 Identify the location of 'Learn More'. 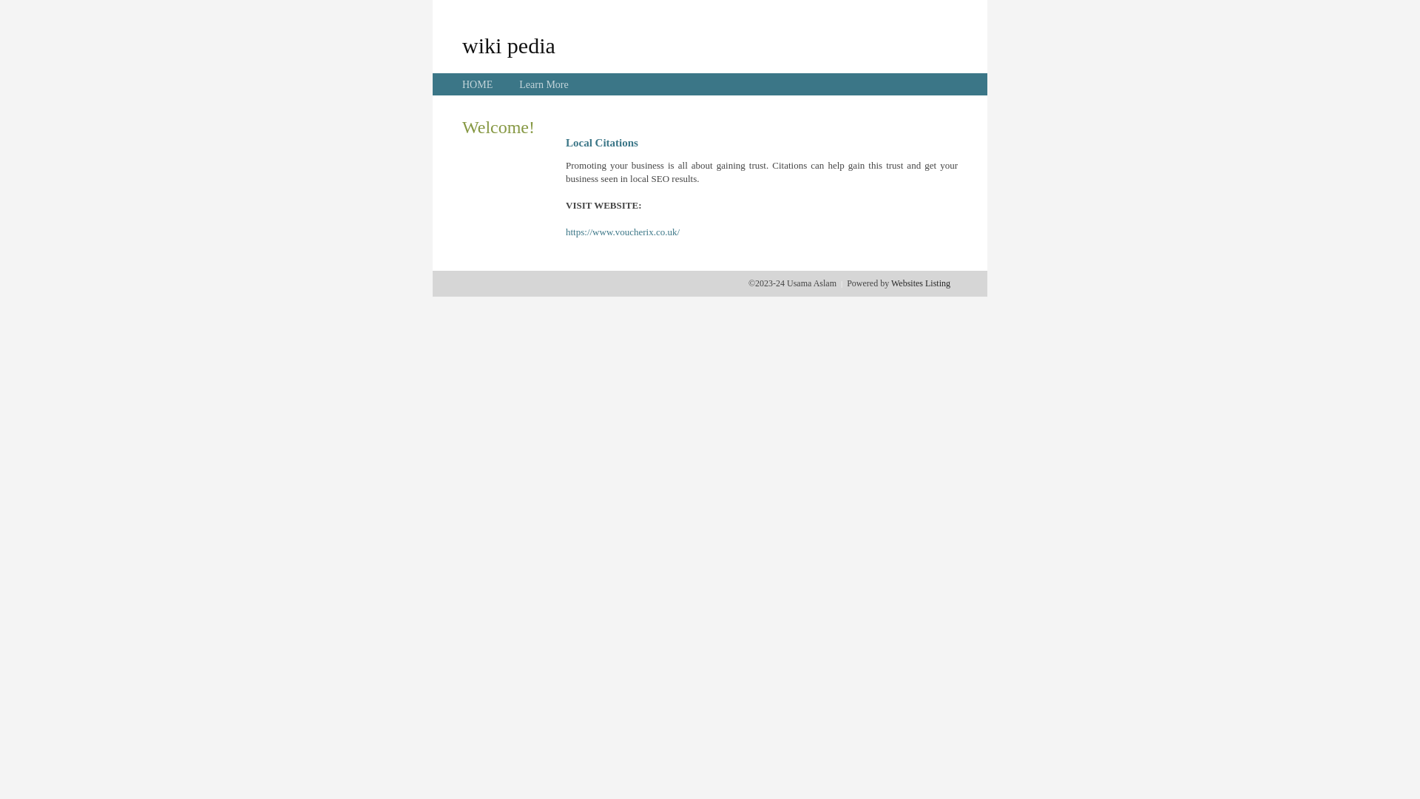
(518, 84).